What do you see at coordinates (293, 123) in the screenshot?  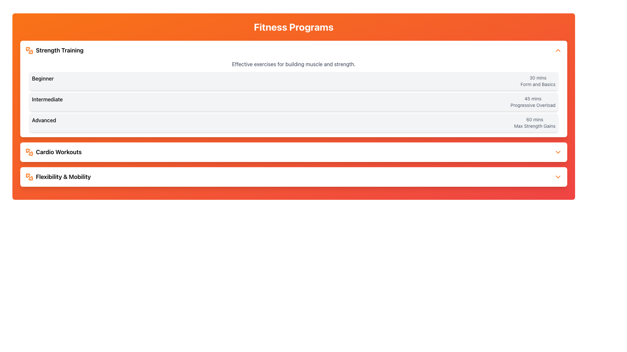 I see `the informational card titled 'Advanced' which provides details about '60 mins Max Strength Gains' located in the 'Strength Training' section, positioned between the 'Intermediate' card and the section's border` at bounding box center [293, 123].